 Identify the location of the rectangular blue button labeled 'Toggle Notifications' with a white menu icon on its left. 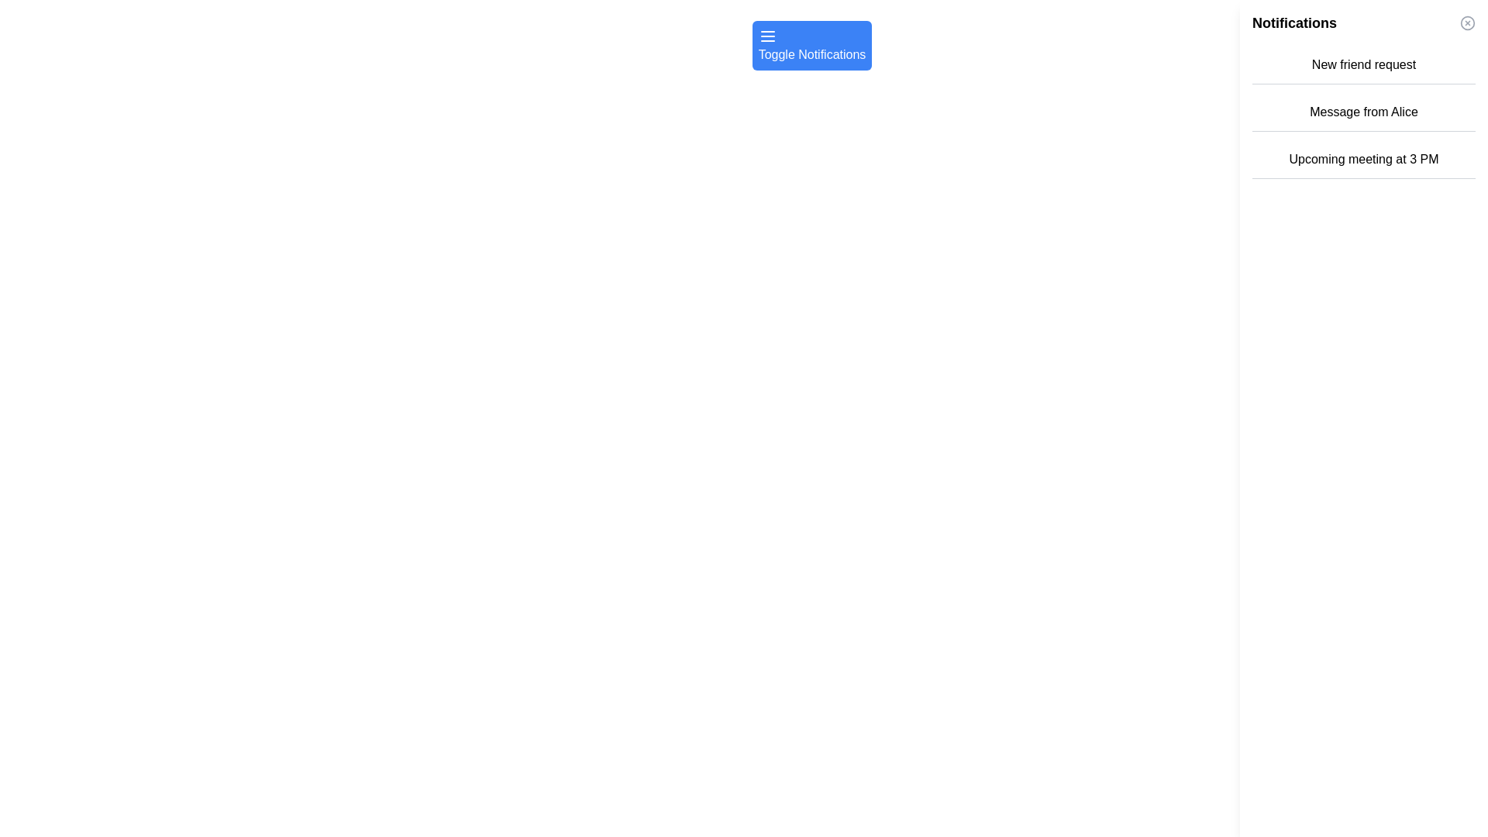
(811, 44).